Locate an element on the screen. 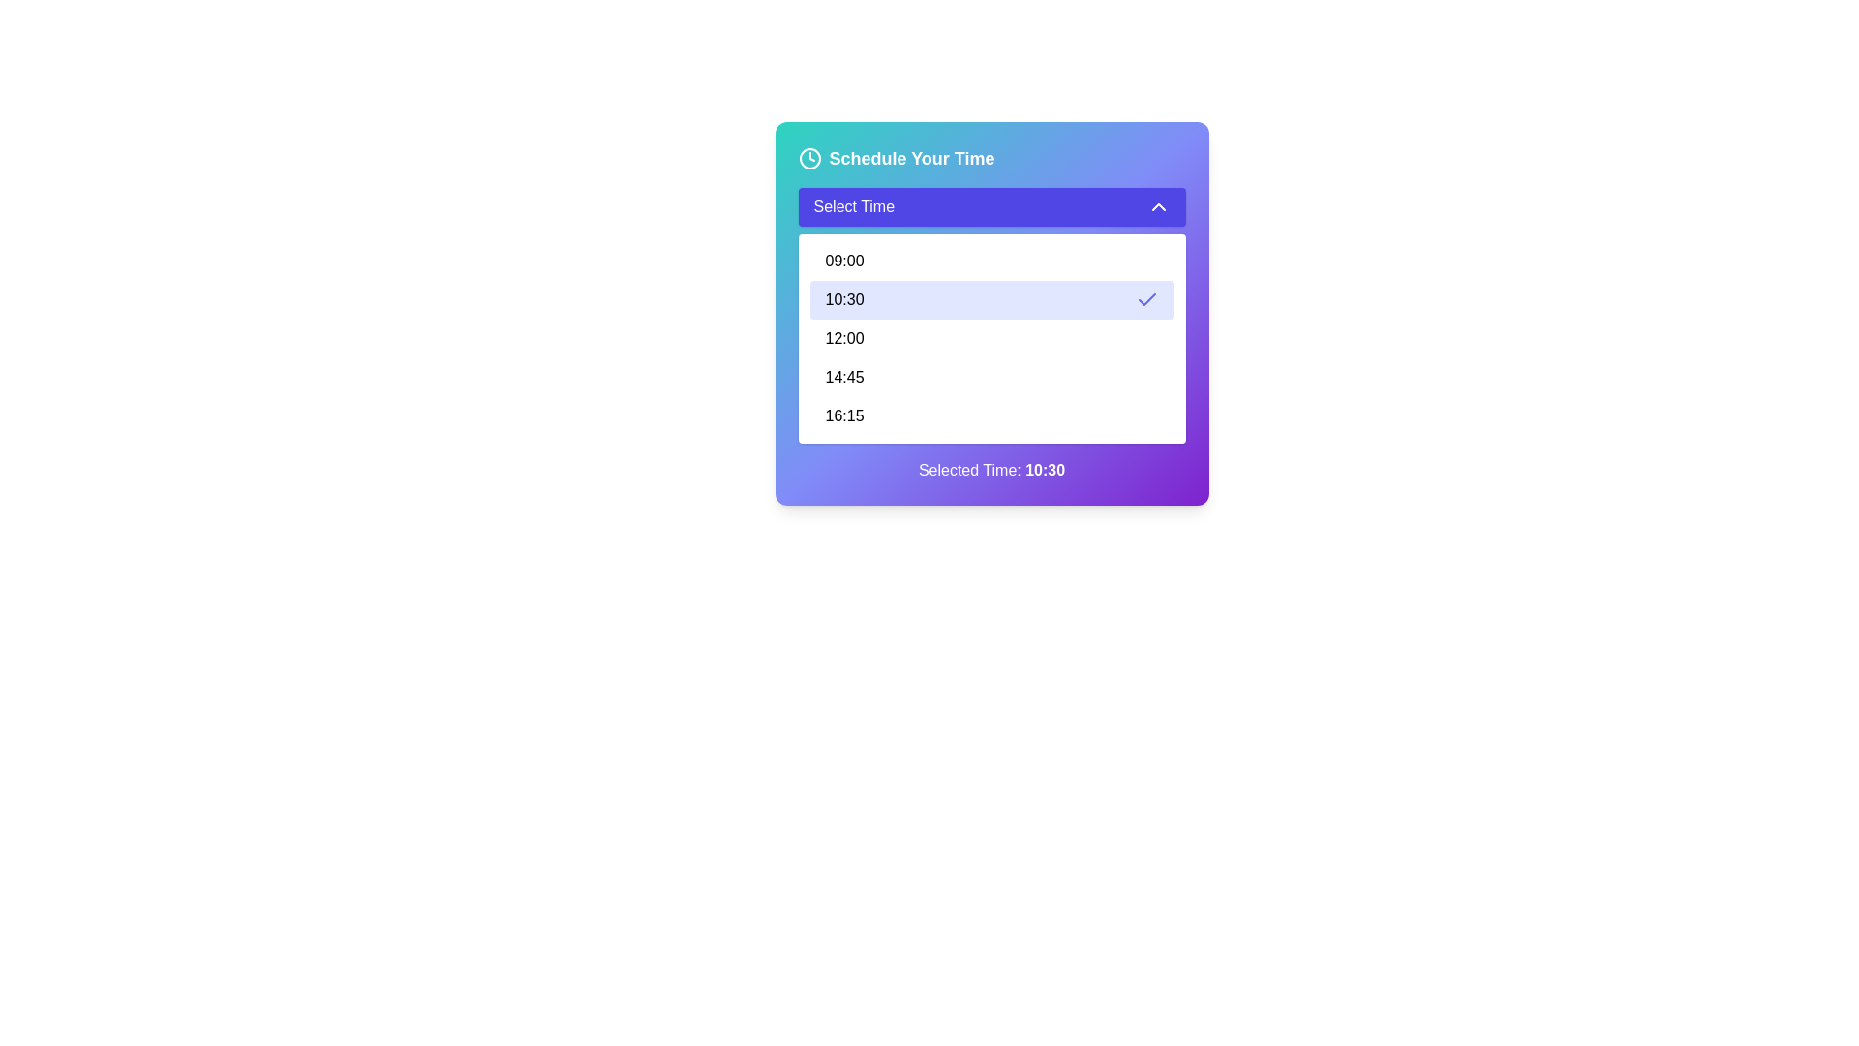 Image resolution: width=1859 pixels, height=1046 pixels. the static text label for the time option '14:45' in the scheduler dropdown menu is located at coordinates (844, 377).